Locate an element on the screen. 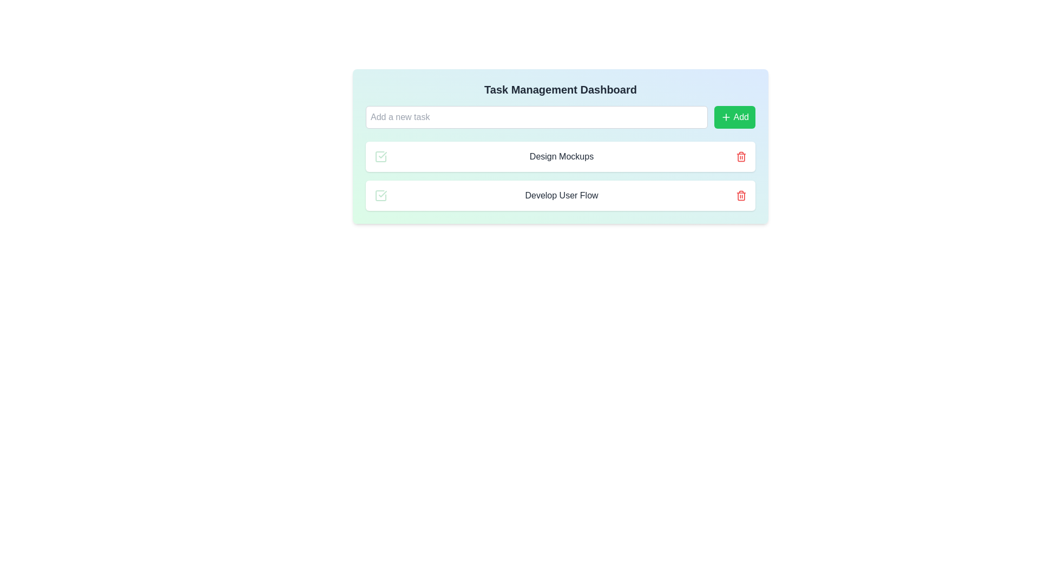  the visual state of the checkbox icon represented as a hollow square with rounded corners, located to the left of the text labeled 'Design Mockups' is located at coordinates (381, 156).